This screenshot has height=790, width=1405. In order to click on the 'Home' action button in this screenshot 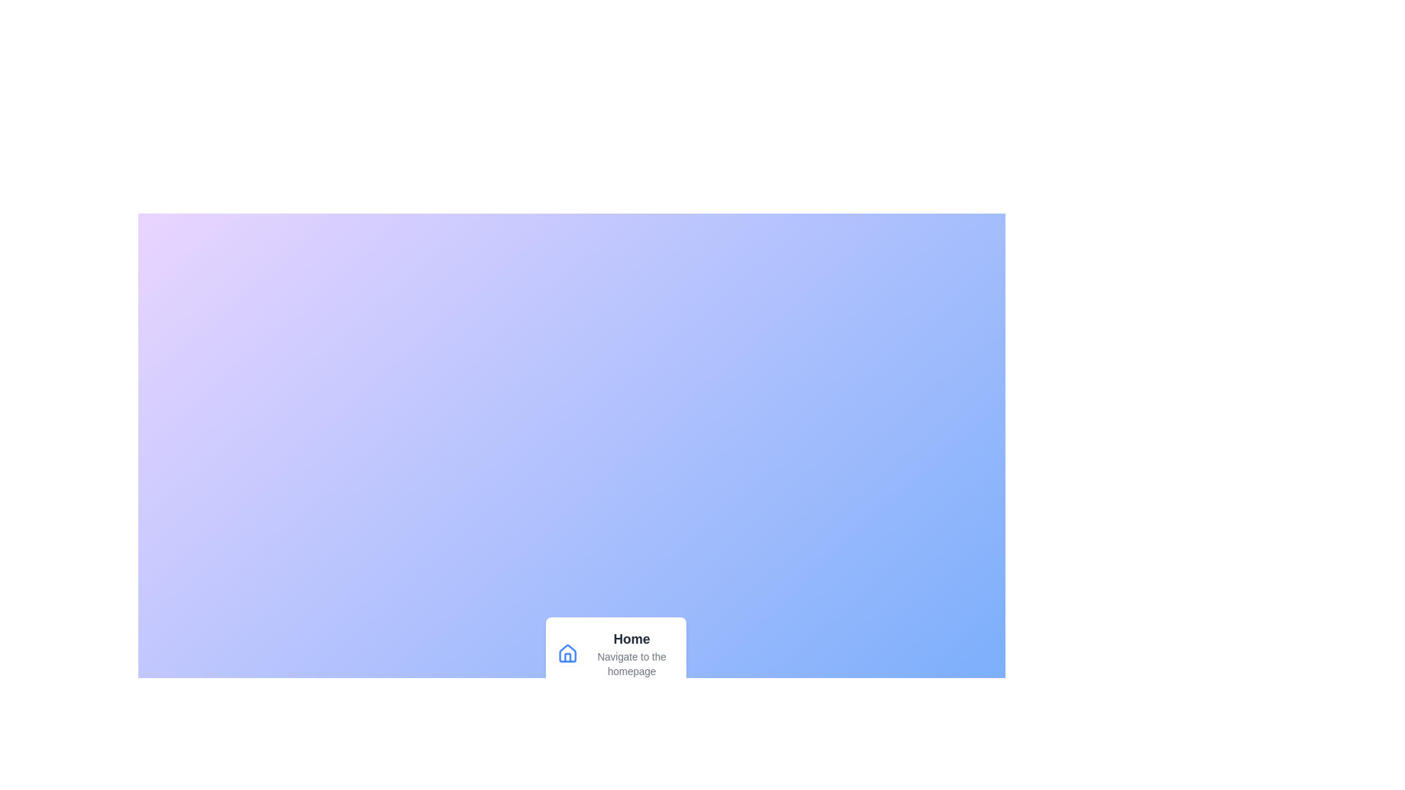, I will do `click(615, 653)`.